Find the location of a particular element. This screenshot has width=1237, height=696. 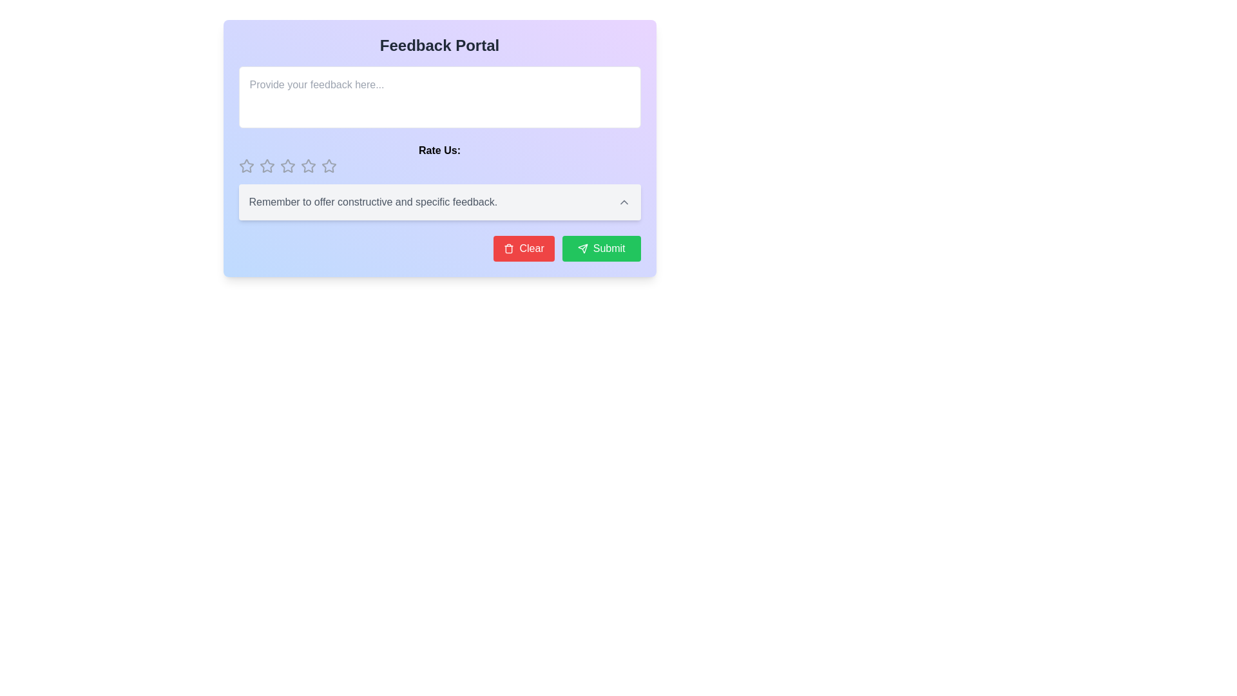

the fifth star icon used for rating in the feedback form located below the 'Rate Us' text field is located at coordinates (329, 165).